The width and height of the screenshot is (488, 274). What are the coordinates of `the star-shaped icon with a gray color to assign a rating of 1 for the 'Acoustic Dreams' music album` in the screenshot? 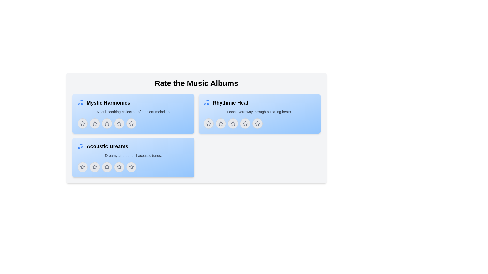 It's located at (95, 167).